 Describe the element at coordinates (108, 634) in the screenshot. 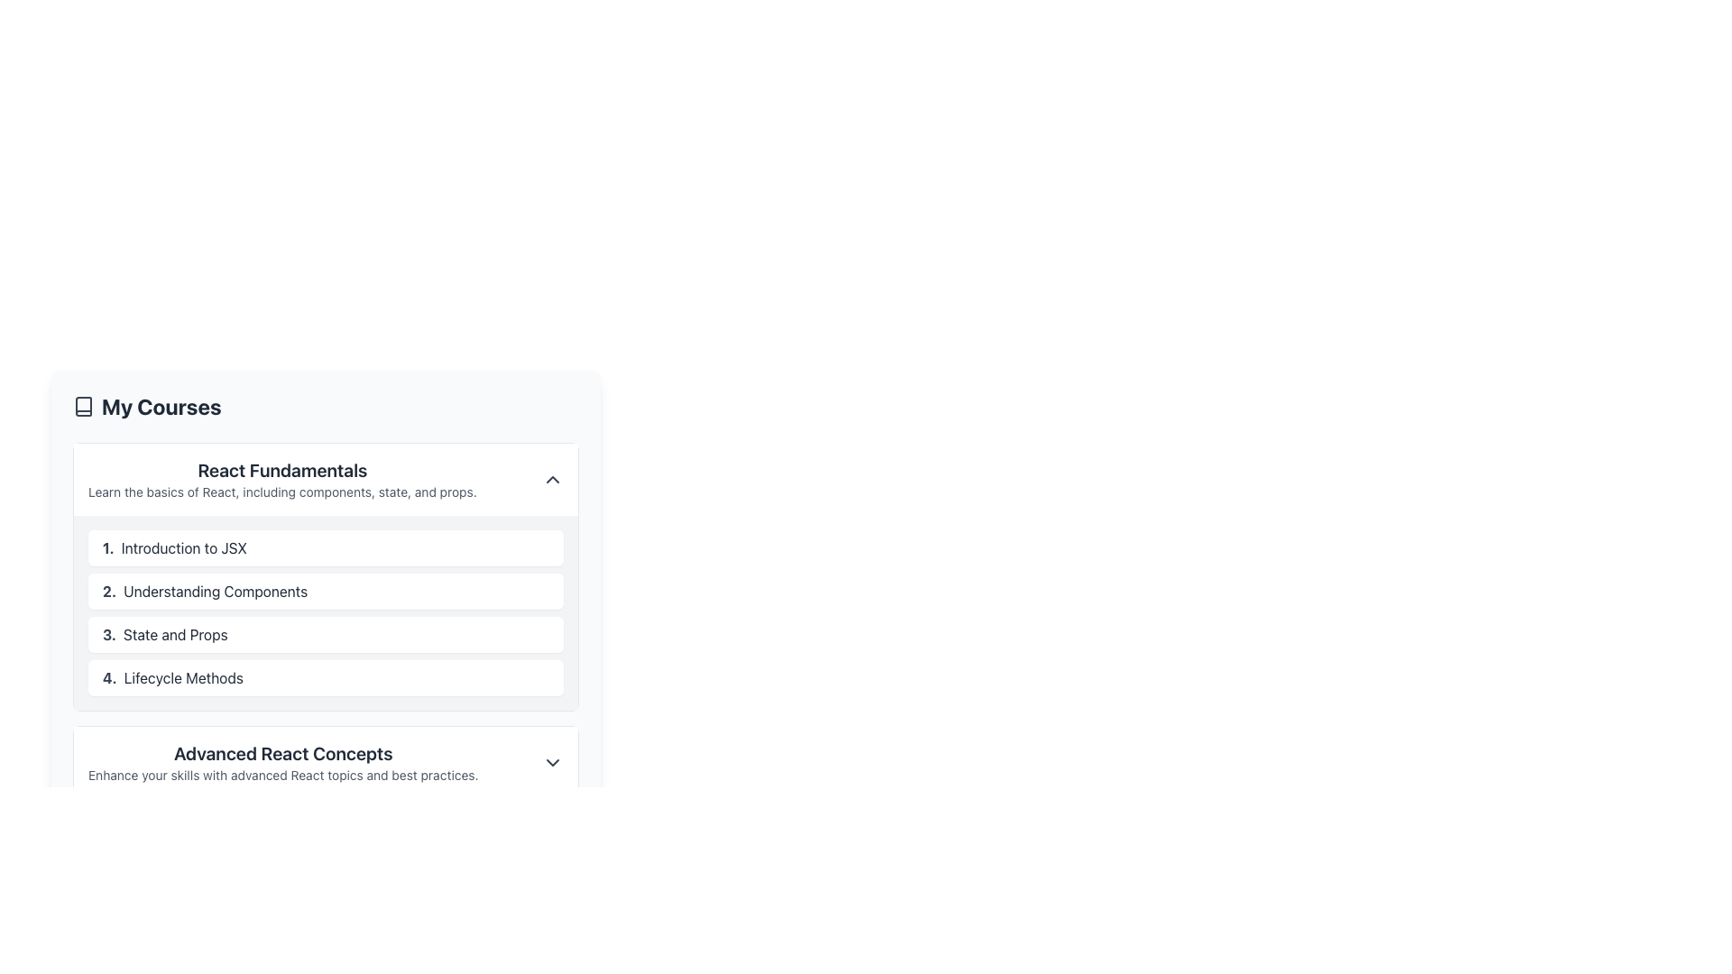

I see `the text label indicating the third entry in the 'React Fundamentals' section, which marks the position of 'State and Props'` at that location.